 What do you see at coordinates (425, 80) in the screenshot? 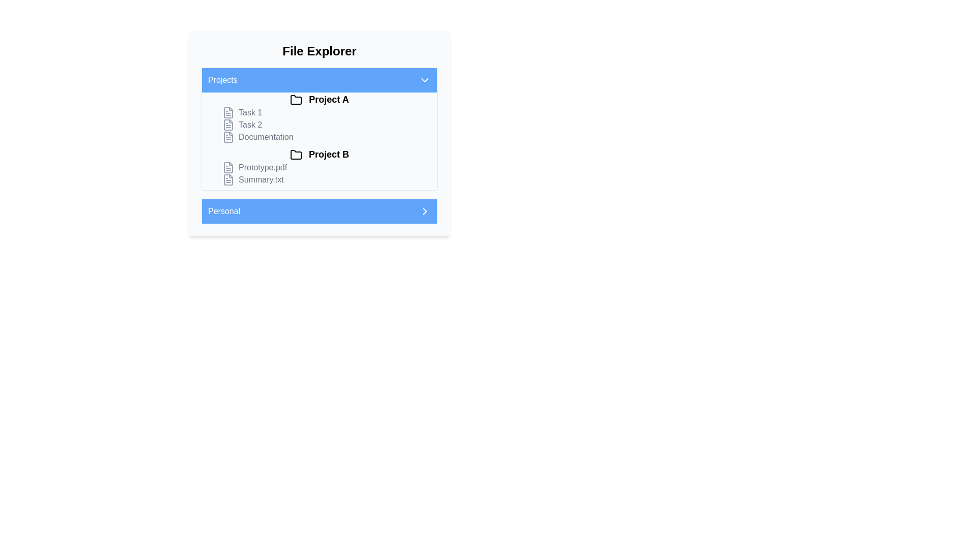
I see `the downwards-pointing chevron toggle icon located in the 'Projects' header section` at bounding box center [425, 80].